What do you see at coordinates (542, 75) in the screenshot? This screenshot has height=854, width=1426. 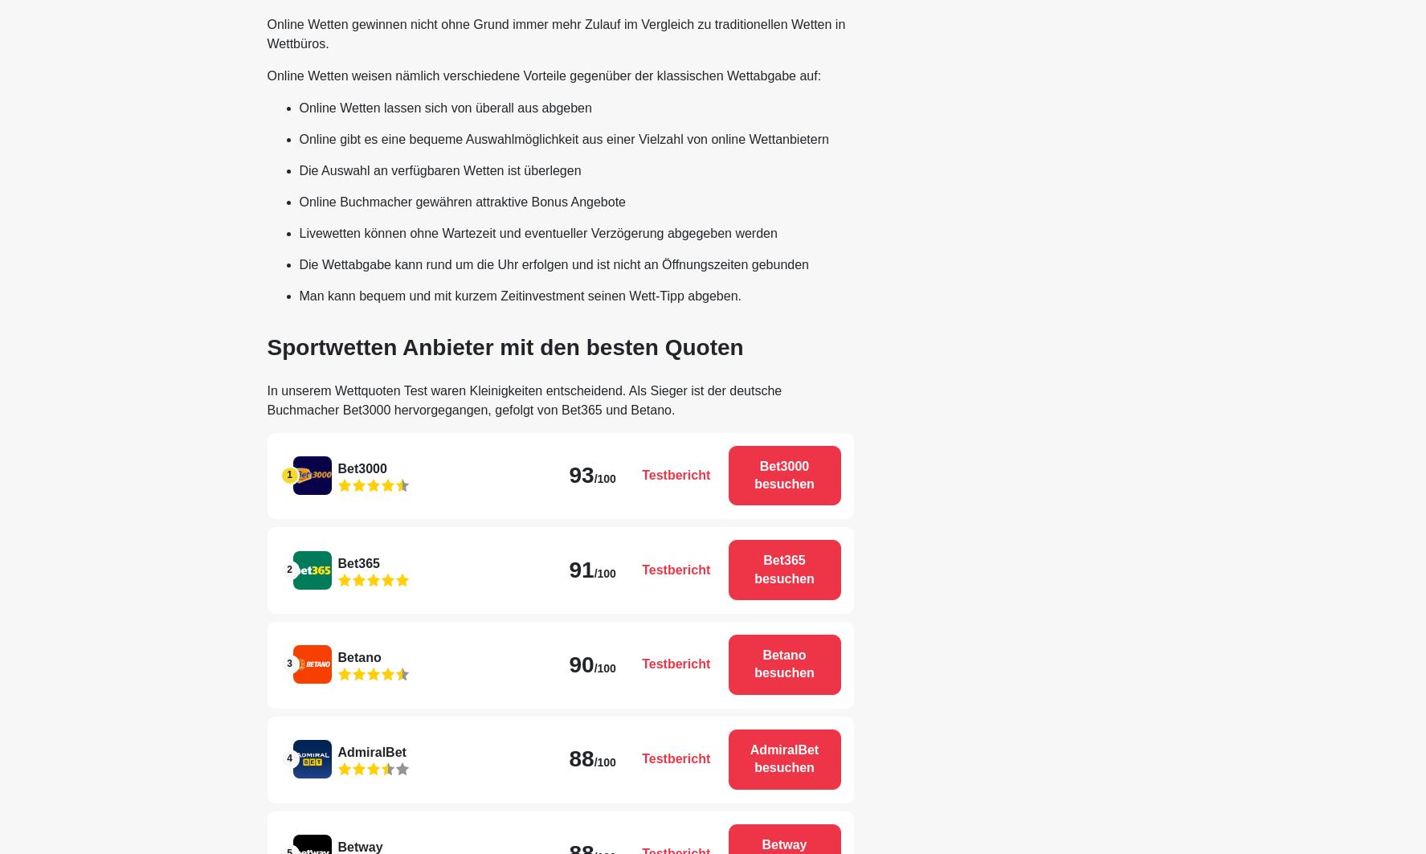 I see `'Online Wetten weisen nämlich verschiedene Vorteile gegenüber der klassischen Wettabgabe auf:'` at bounding box center [542, 75].